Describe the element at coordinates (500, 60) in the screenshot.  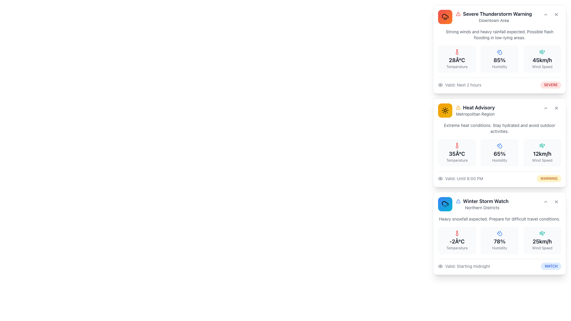
I see `the static text label displaying '85%' humidity in the top grid panel of the weather warning dashboard` at that location.